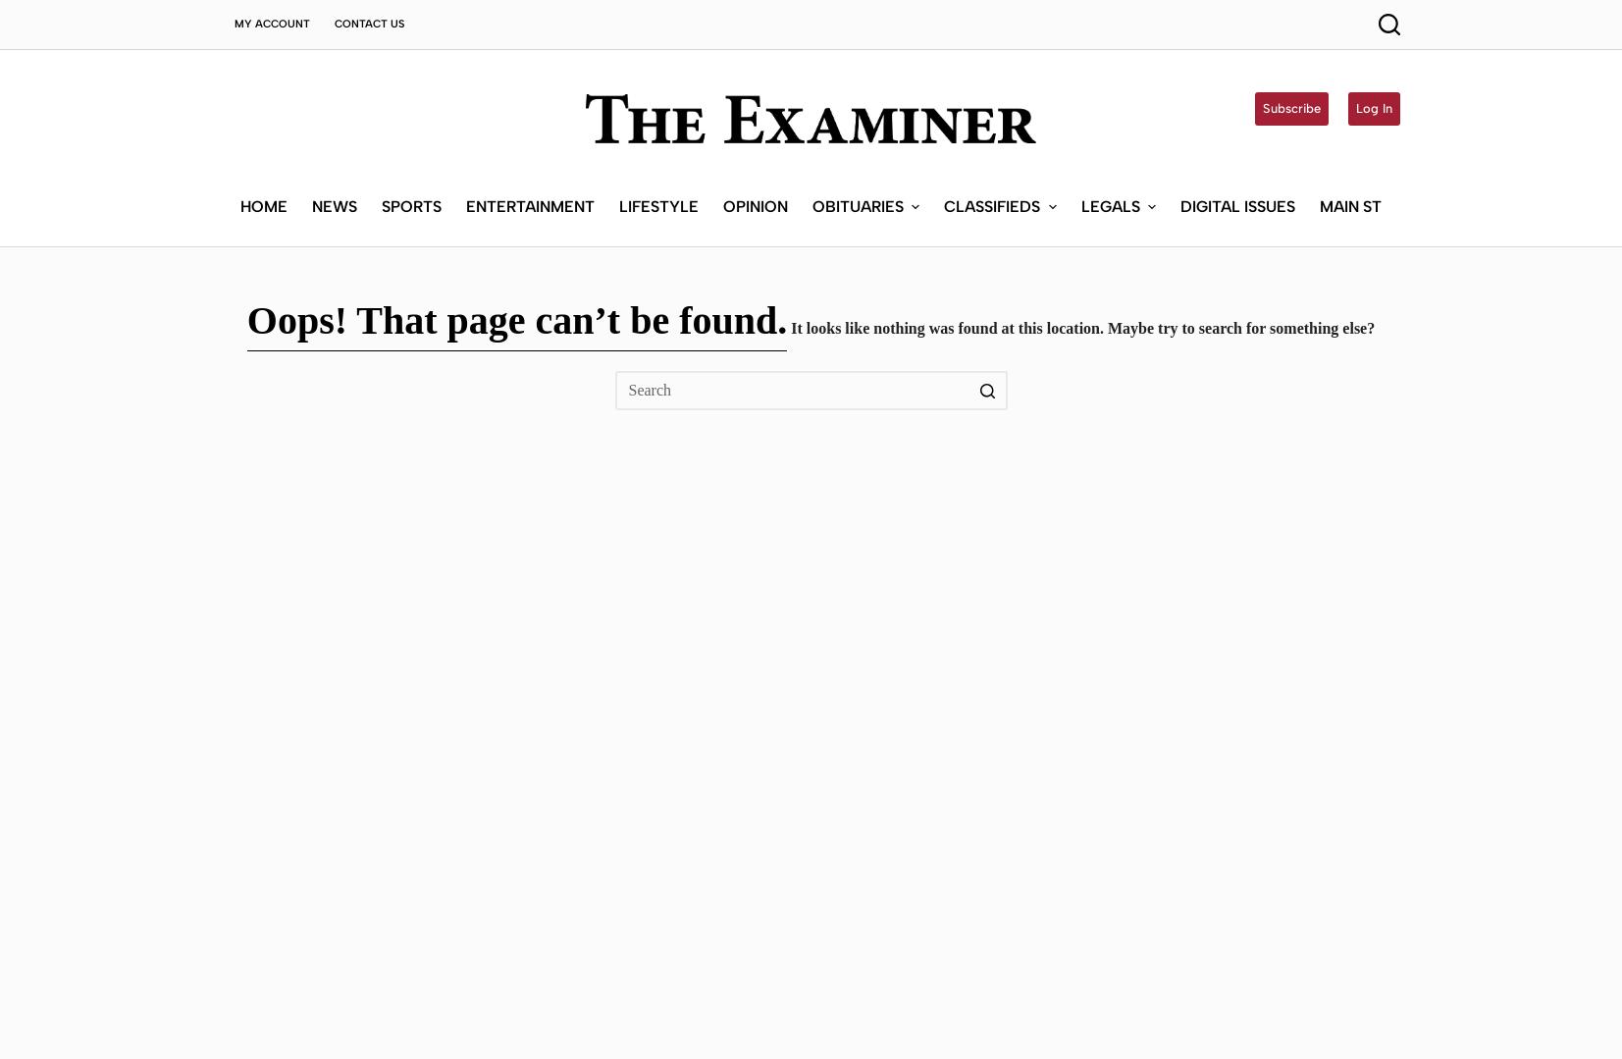  I want to click on 'Submit a Classified', so click(1011, 143).